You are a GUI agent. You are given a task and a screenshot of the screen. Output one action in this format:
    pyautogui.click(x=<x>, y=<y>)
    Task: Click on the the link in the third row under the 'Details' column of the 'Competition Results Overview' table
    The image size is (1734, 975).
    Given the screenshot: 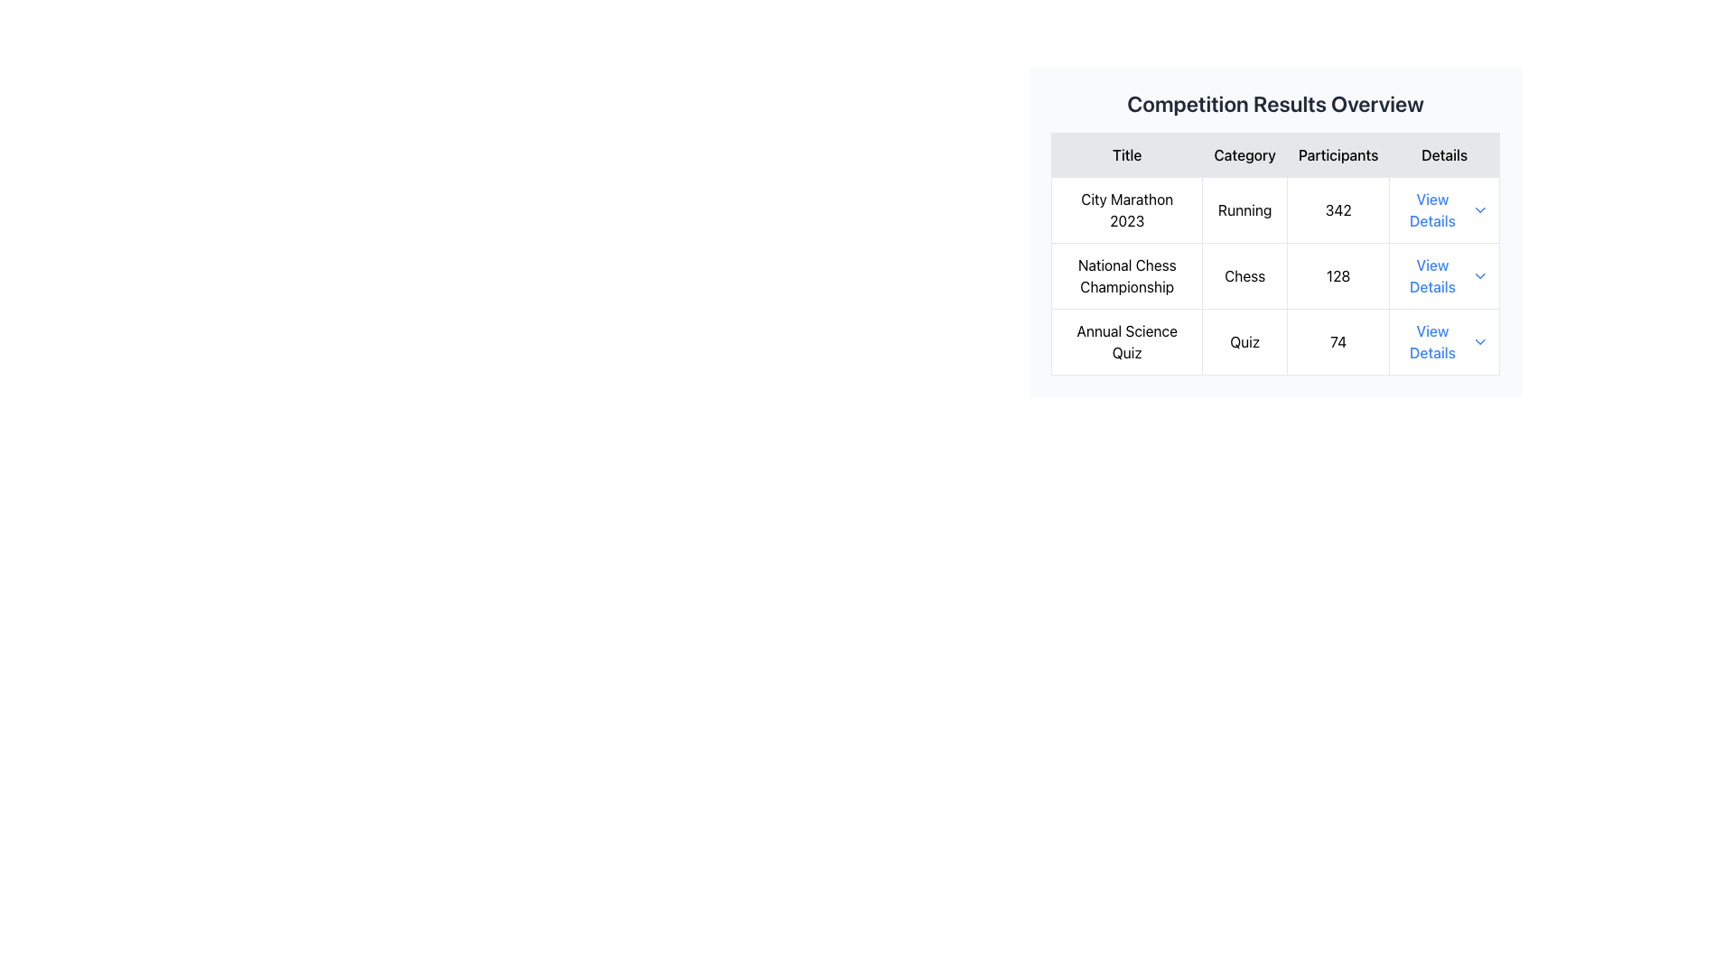 What is the action you would take?
    pyautogui.click(x=1431, y=341)
    